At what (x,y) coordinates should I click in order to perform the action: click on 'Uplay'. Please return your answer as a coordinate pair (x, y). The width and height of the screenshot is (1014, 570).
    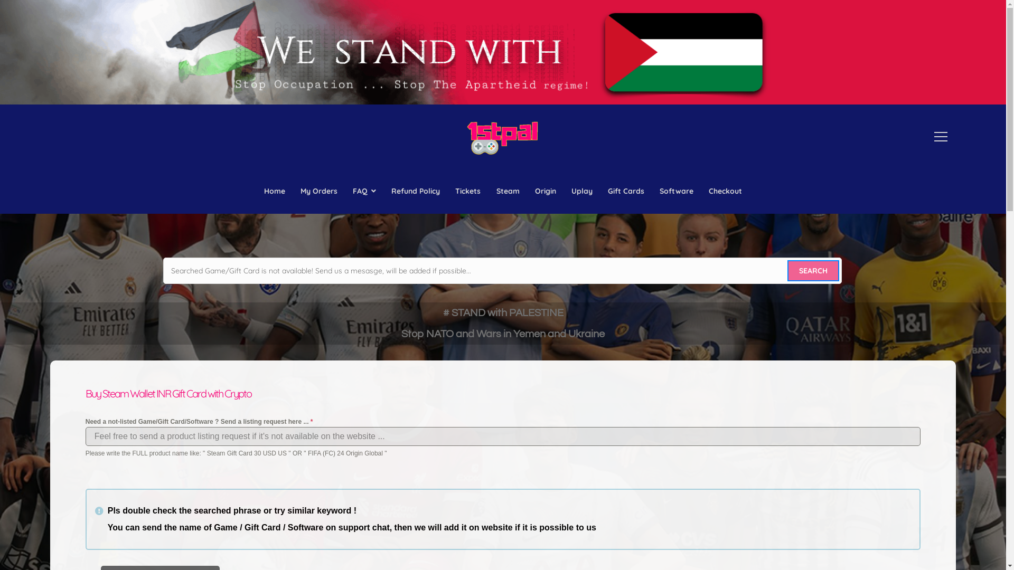
    Looking at the image, I should click on (581, 191).